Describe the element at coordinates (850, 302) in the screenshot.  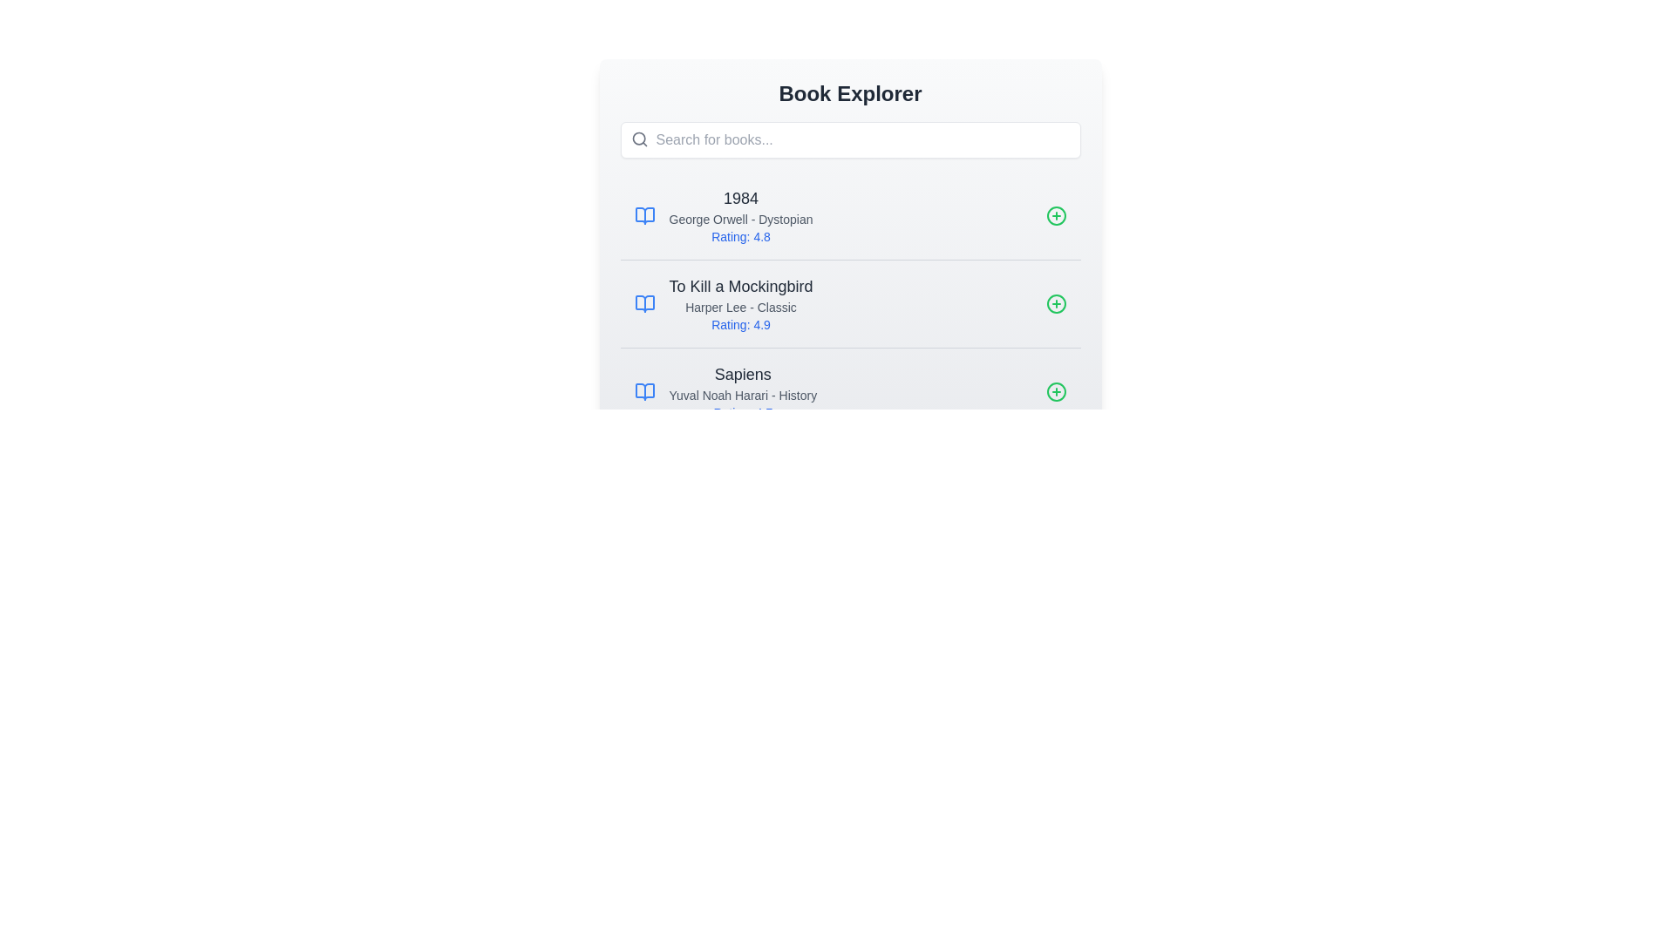
I see `the clickable list item displaying 'To Kill a Mockingbird', which is the second item in the vertical list of book entries` at that location.